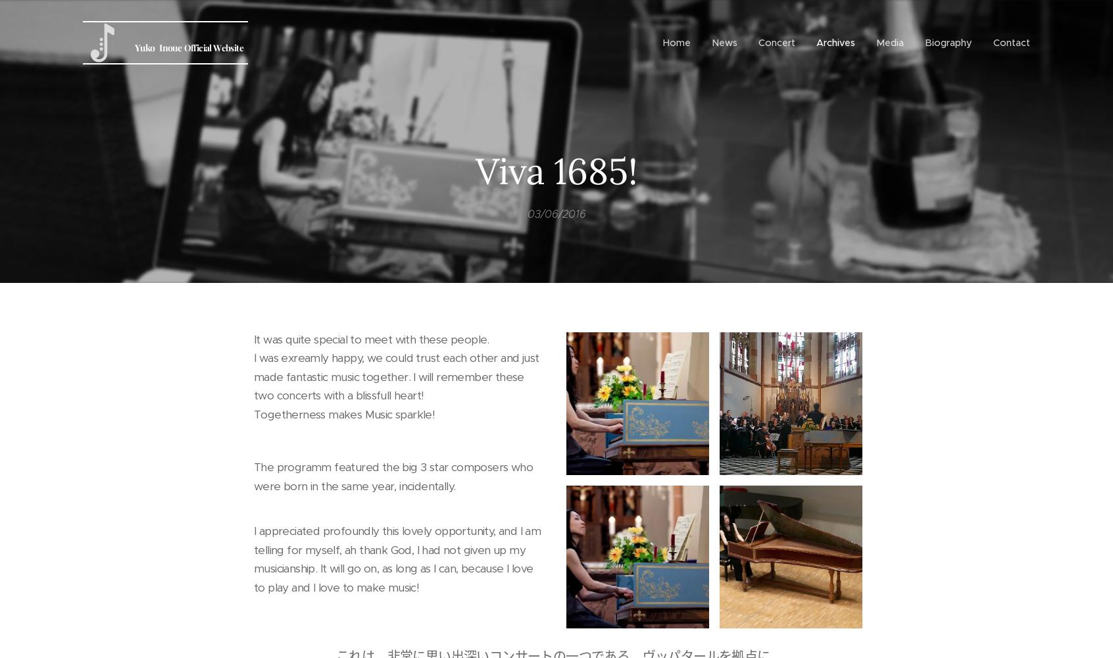  I want to click on 'Inoue', so click(170, 47).